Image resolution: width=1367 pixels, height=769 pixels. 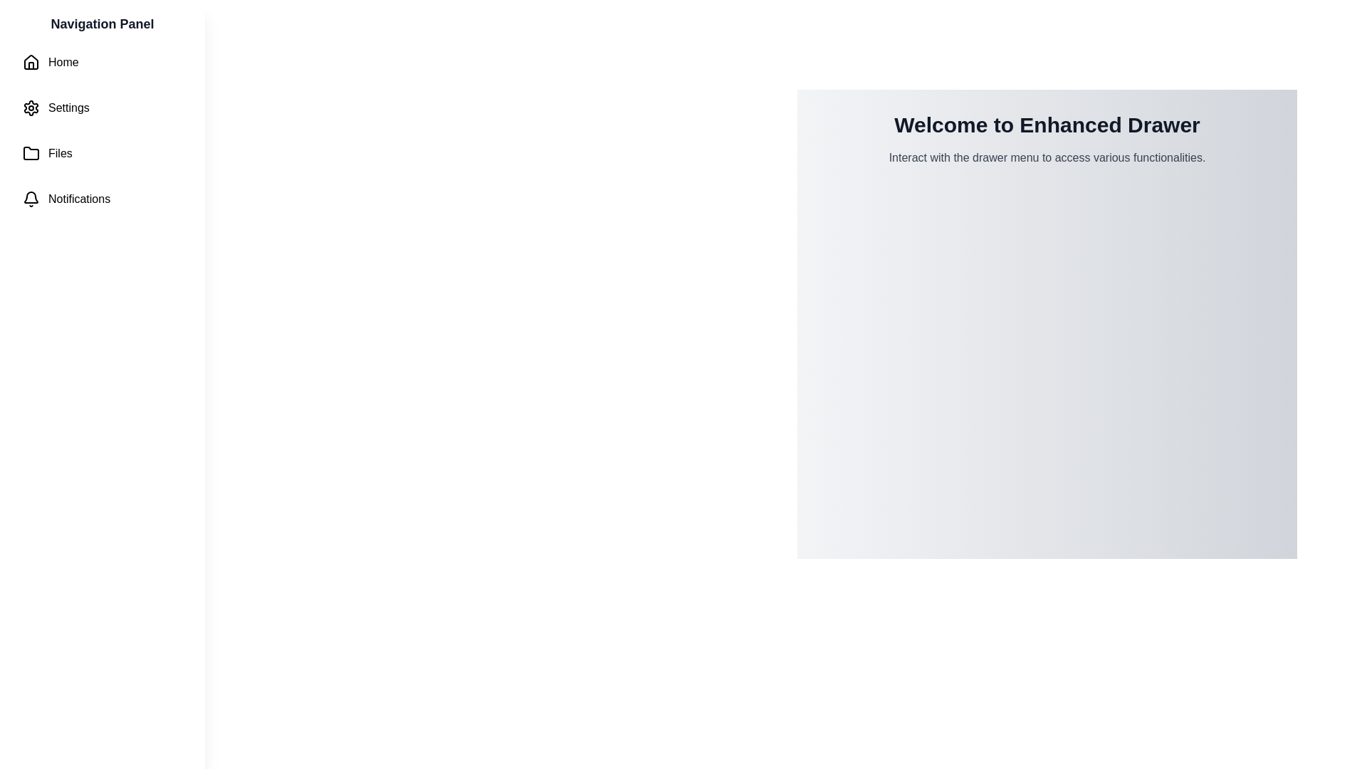 I want to click on the navigation item labeled 'Notifications' located in the left-side navigation panel below 'Home', 'Settings', and 'Files', which has a bell icon to its left, so click(x=78, y=199).